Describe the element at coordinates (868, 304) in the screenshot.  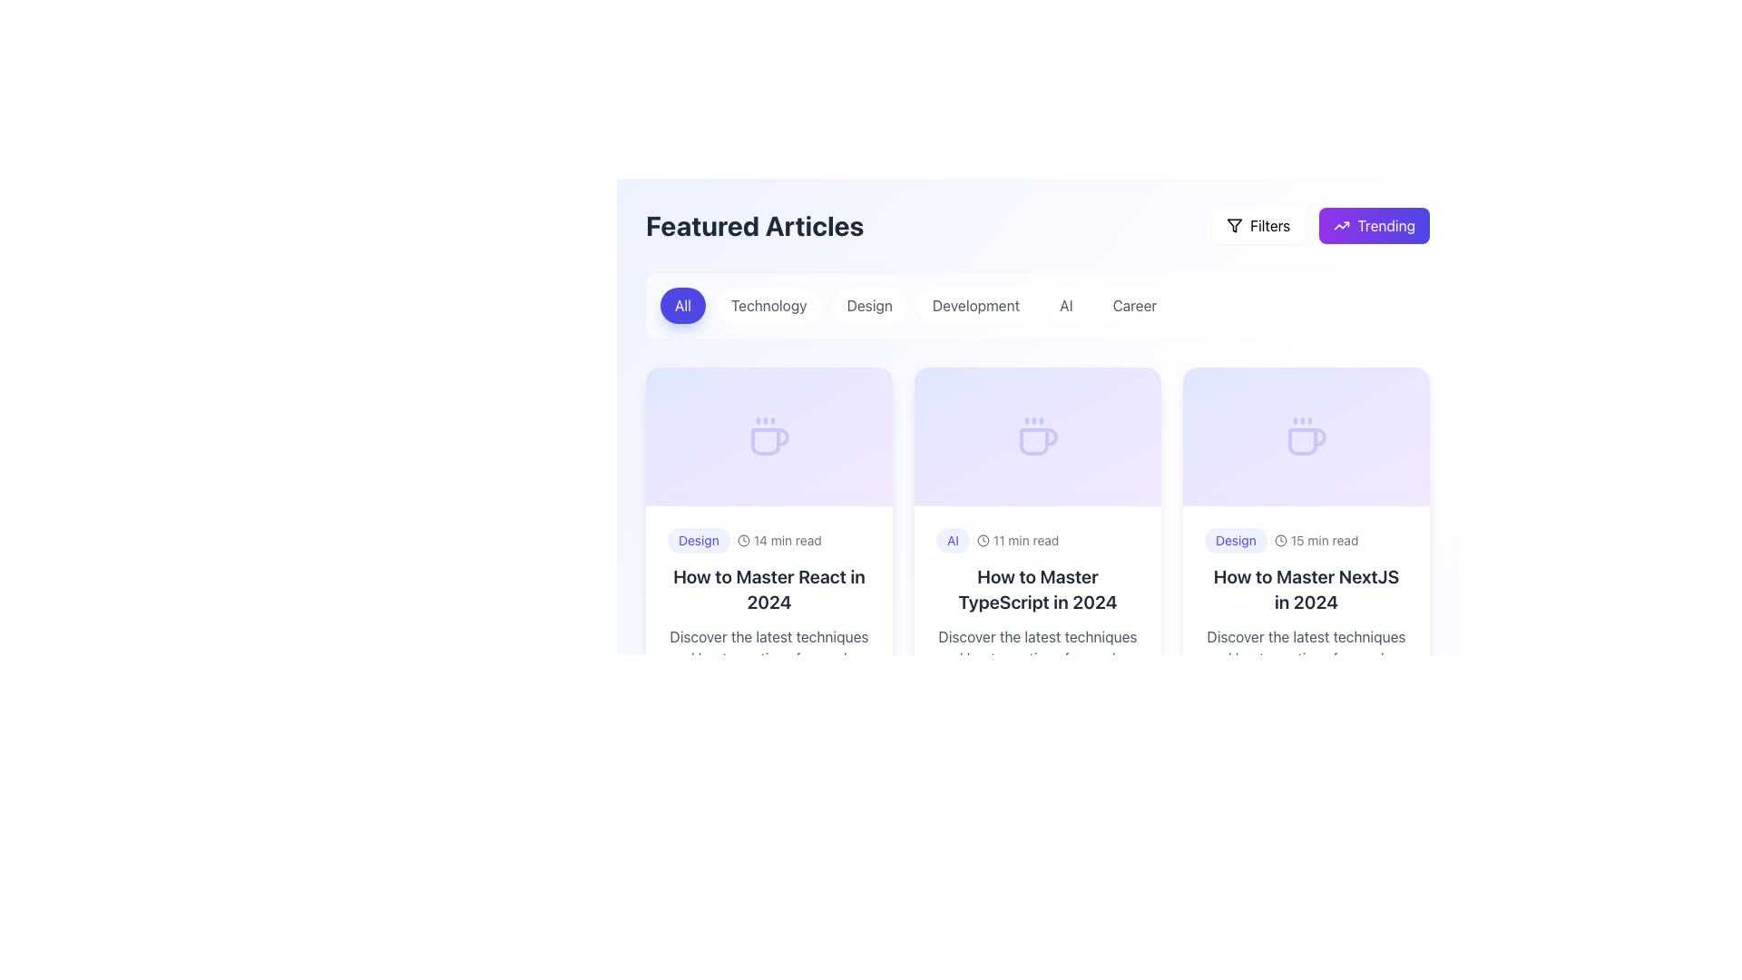
I see `the 'Design' category filter button` at that location.